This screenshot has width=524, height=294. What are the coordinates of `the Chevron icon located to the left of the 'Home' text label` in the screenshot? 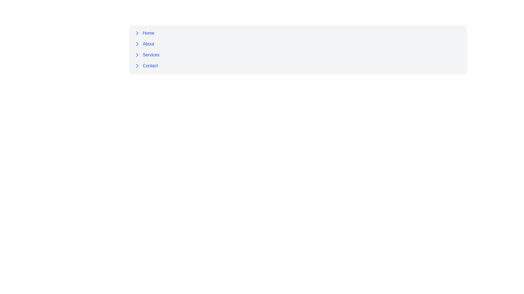 It's located at (137, 33).